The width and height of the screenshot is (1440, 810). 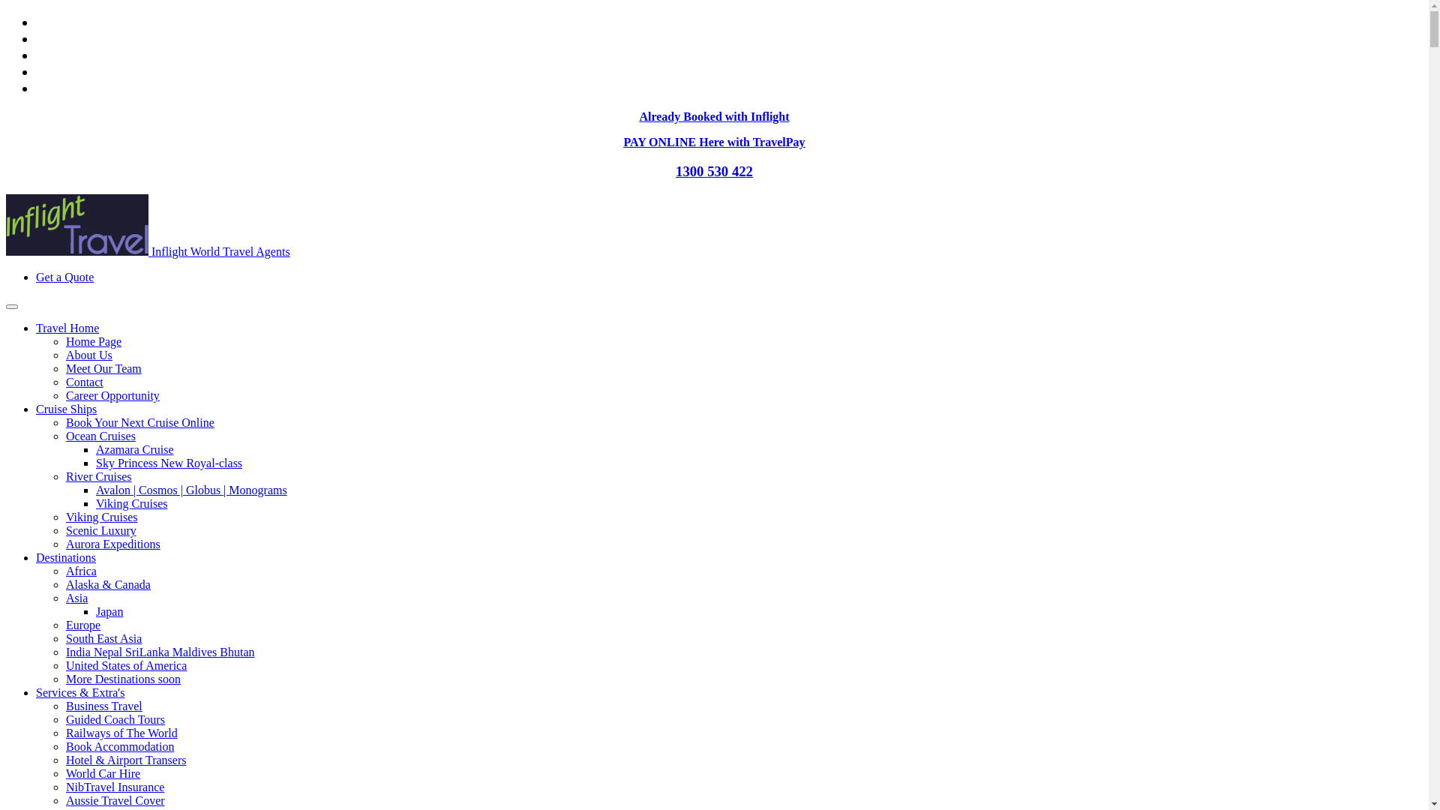 What do you see at coordinates (97, 476) in the screenshot?
I see `'River Cruises'` at bounding box center [97, 476].